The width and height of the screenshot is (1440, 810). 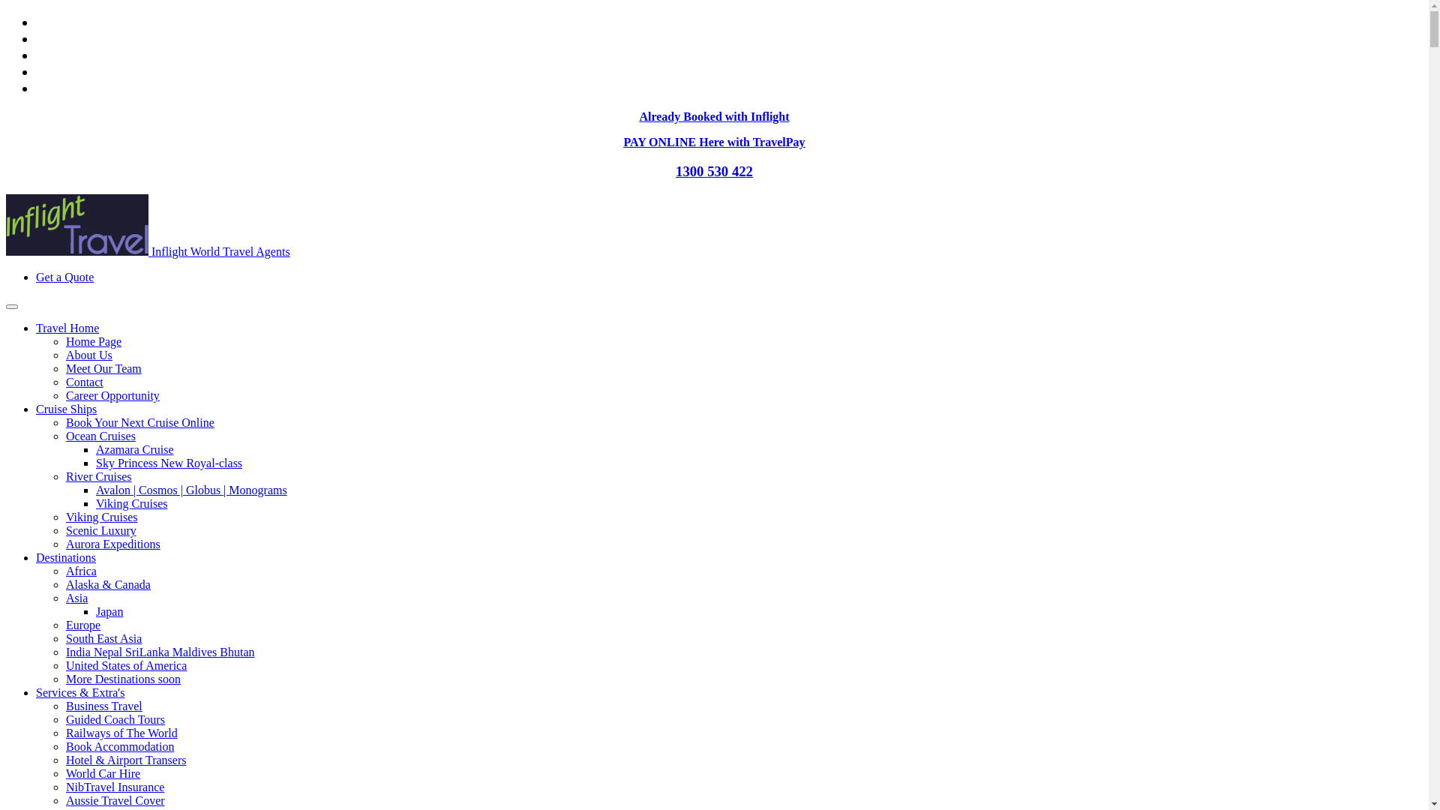 What do you see at coordinates (97, 476) in the screenshot?
I see `'River Cruises'` at bounding box center [97, 476].